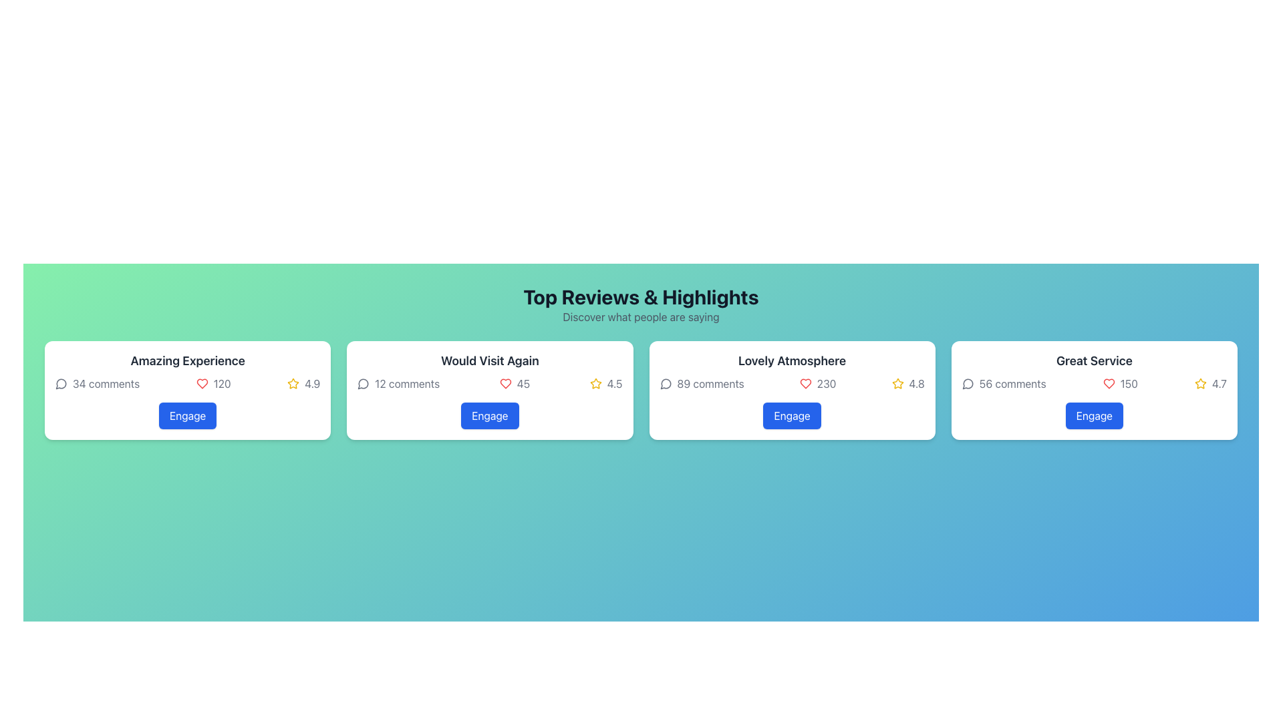  Describe the element at coordinates (212, 383) in the screenshot. I see `like count displayed in the label with a red heart icon and the text '120' in gray, located in the leftmost section of a row of four cards, below the title 'Amazing Experience'` at that location.